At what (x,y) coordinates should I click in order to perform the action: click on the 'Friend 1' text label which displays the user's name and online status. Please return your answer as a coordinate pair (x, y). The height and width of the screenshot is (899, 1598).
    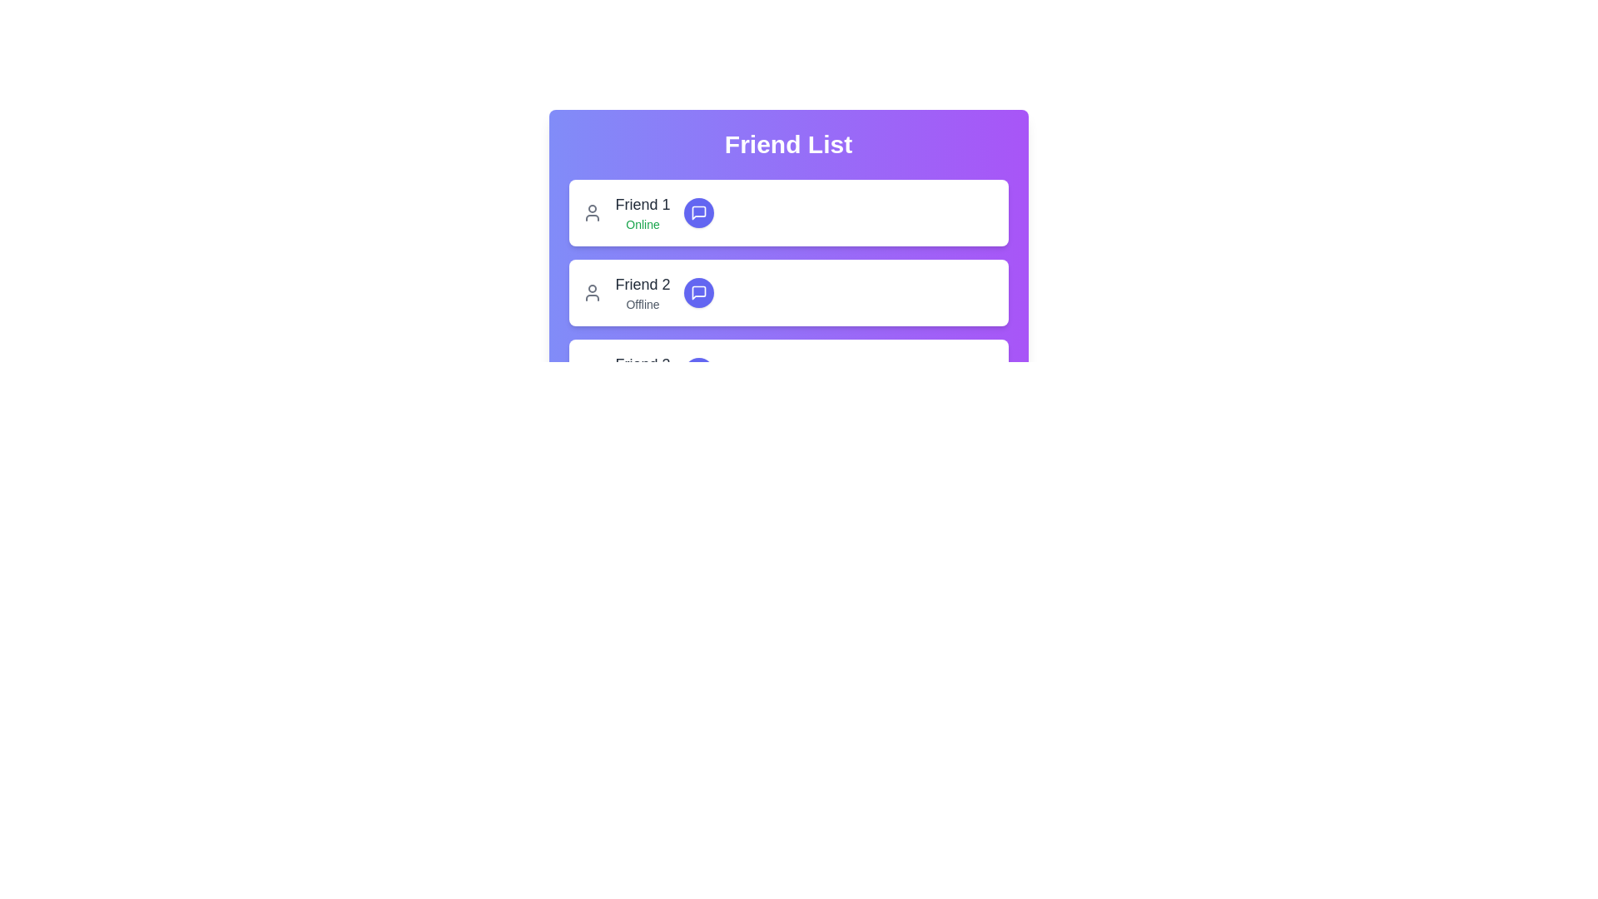
    Looking at the image, I should click on (642, 211).